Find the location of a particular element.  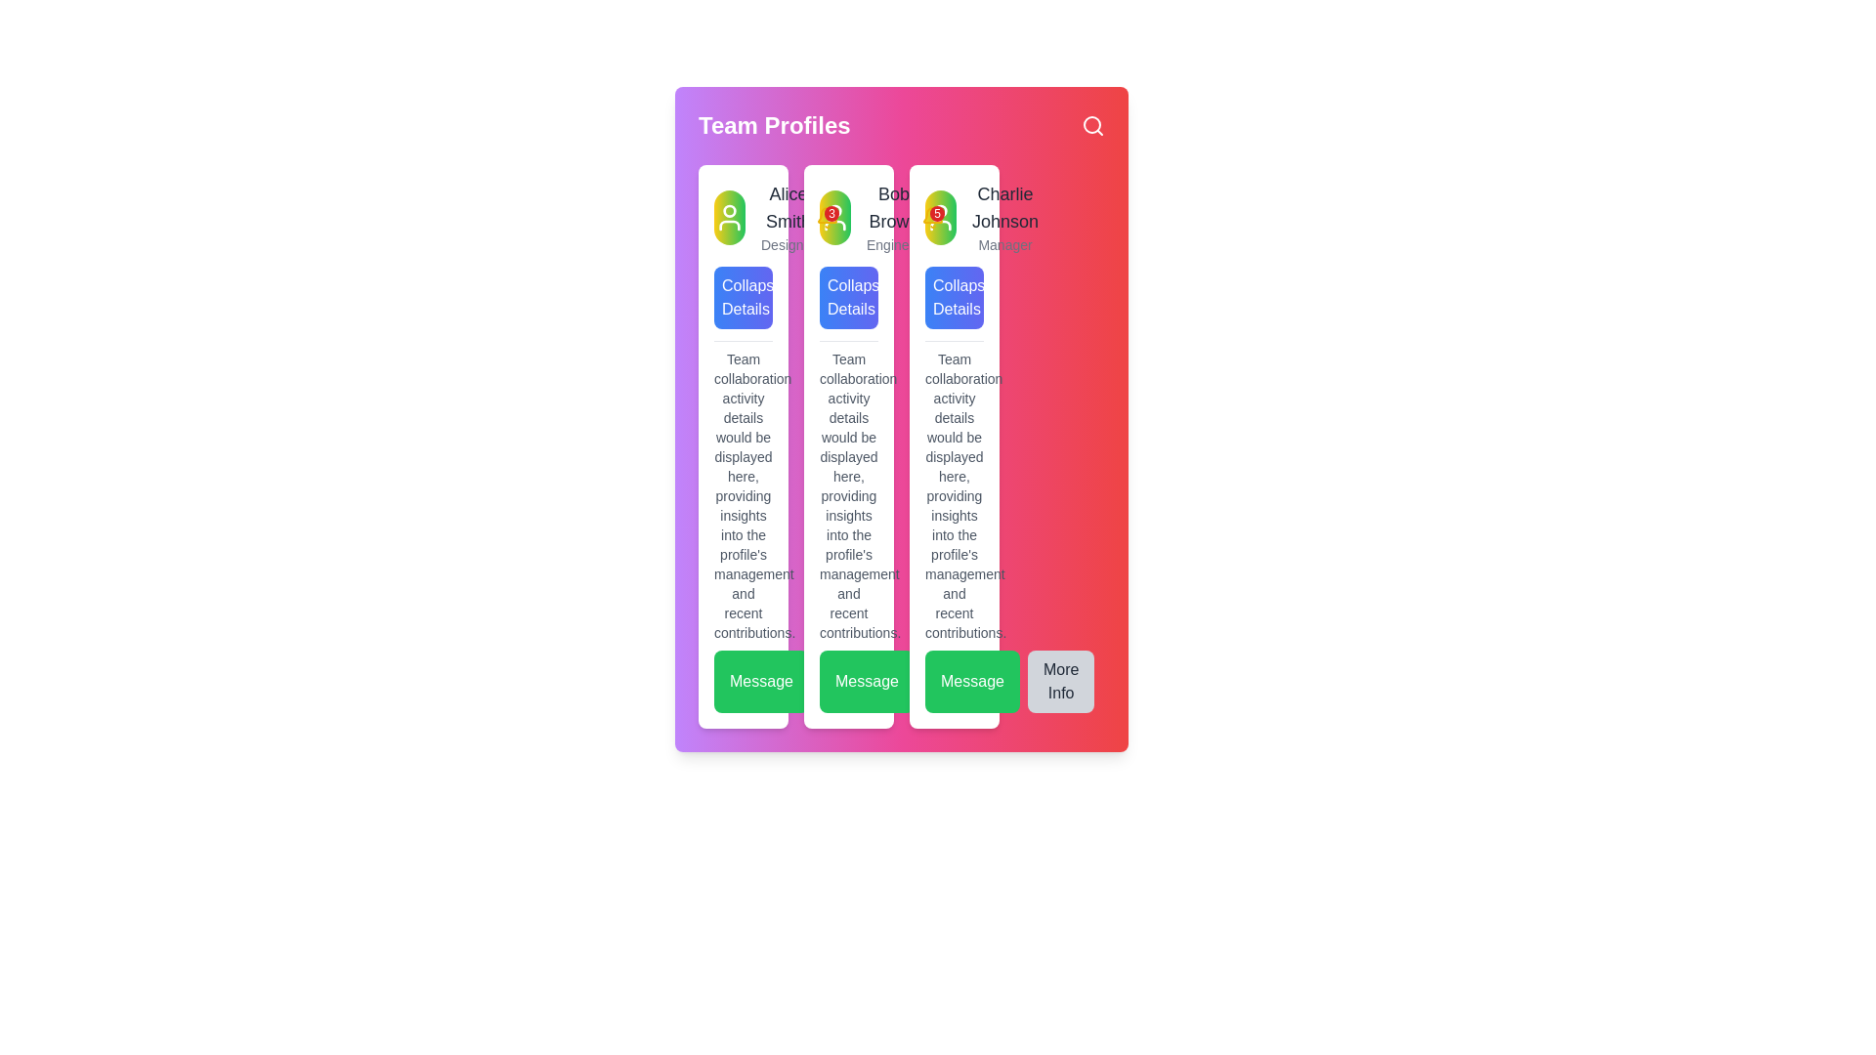

the 'Team Profiles' text label, which is displayed in bold, large white font against a gradient pink to purple background, located at the top-left corner of the interface is located at coordinates (773, 125).